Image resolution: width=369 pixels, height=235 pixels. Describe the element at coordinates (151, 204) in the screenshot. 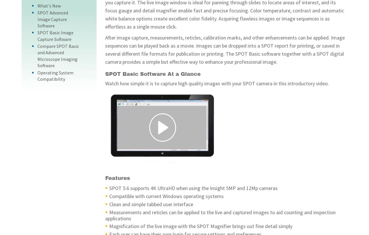

I see `'Clean and simple tabbed user interface'` at that location.